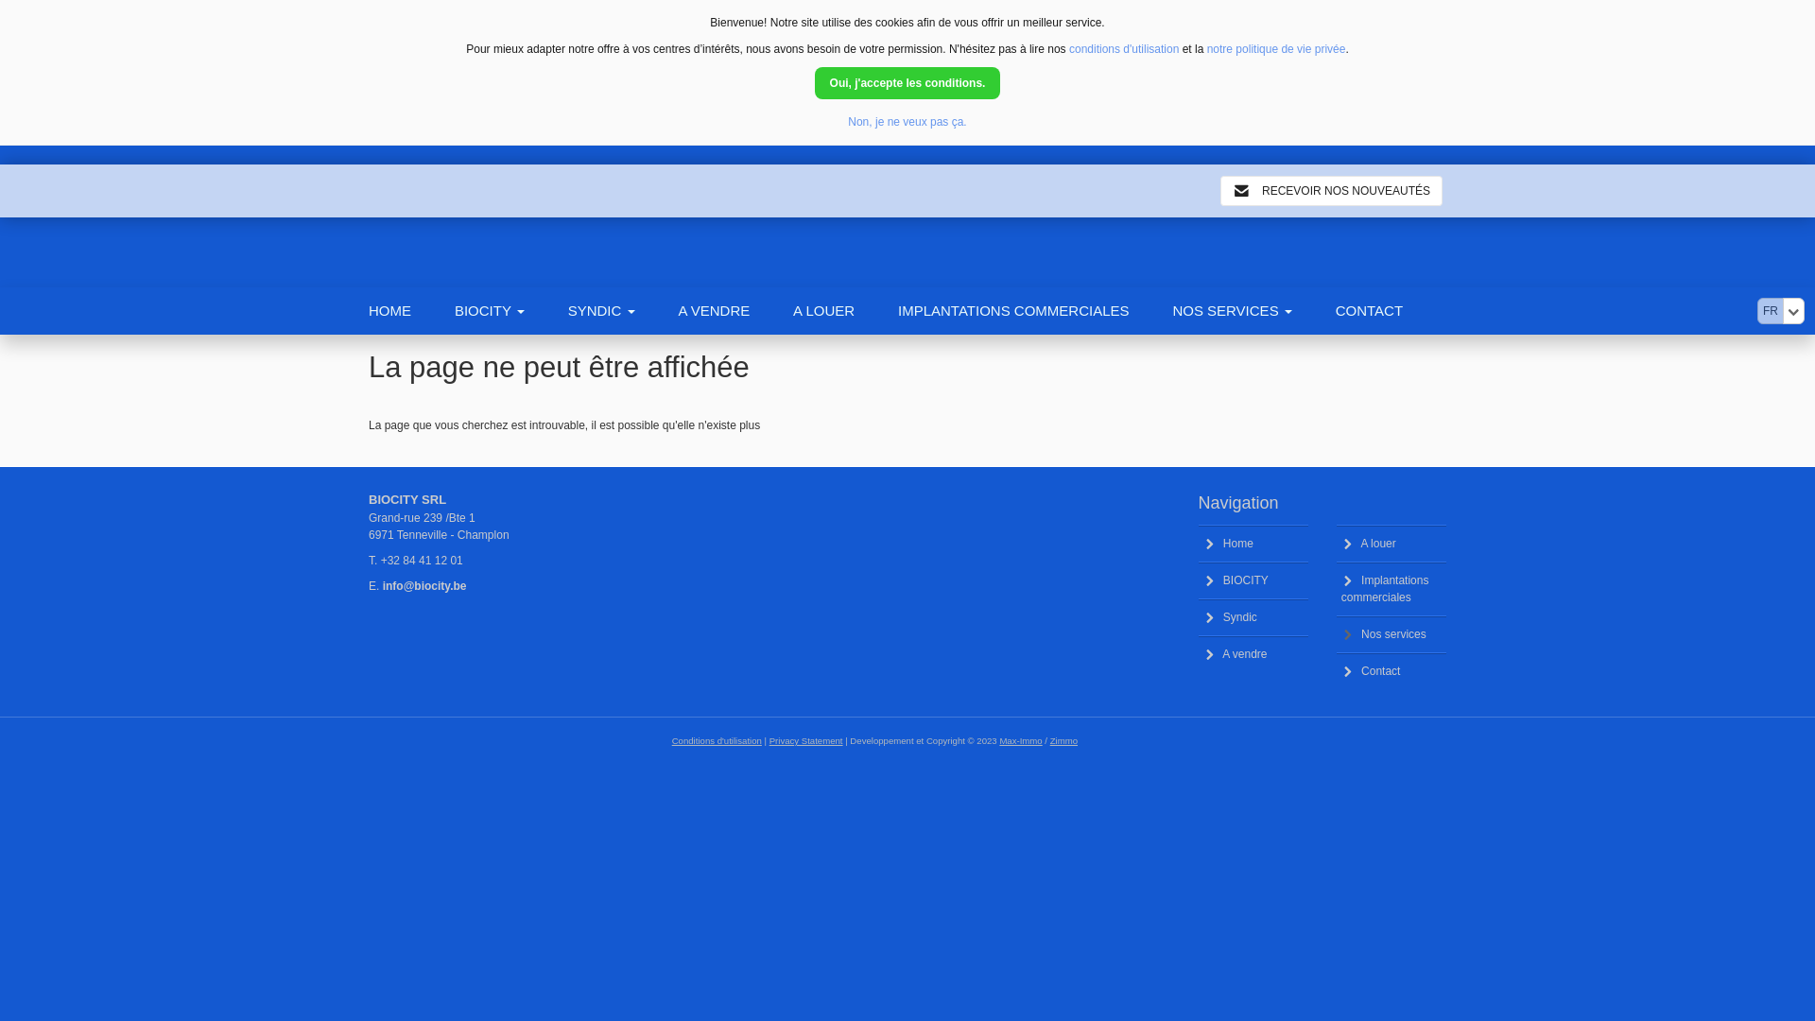 The width and height of the screenshot is (1815, 1021). Describe the element at coordinates (423, 585) in the screenshot. I see `'info@biocity.be'` at that location.